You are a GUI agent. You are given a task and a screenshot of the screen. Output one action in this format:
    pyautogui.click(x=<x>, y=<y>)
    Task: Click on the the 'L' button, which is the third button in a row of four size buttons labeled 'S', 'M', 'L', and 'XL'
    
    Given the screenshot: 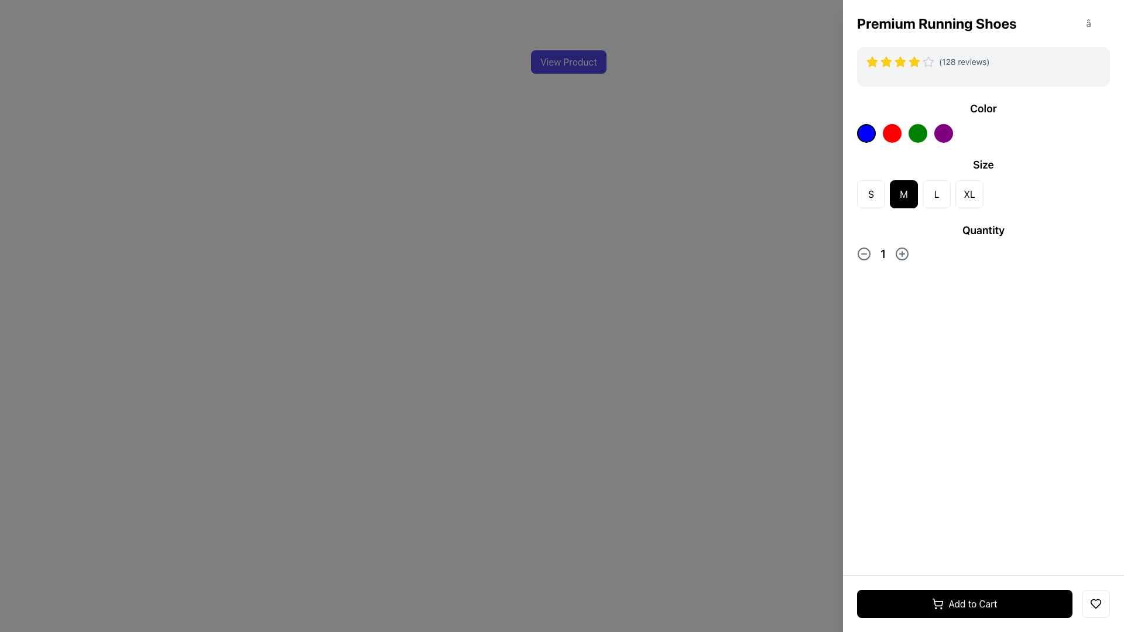 What is the action you would take?
    pyautogui.click(x=935, y=193)
    